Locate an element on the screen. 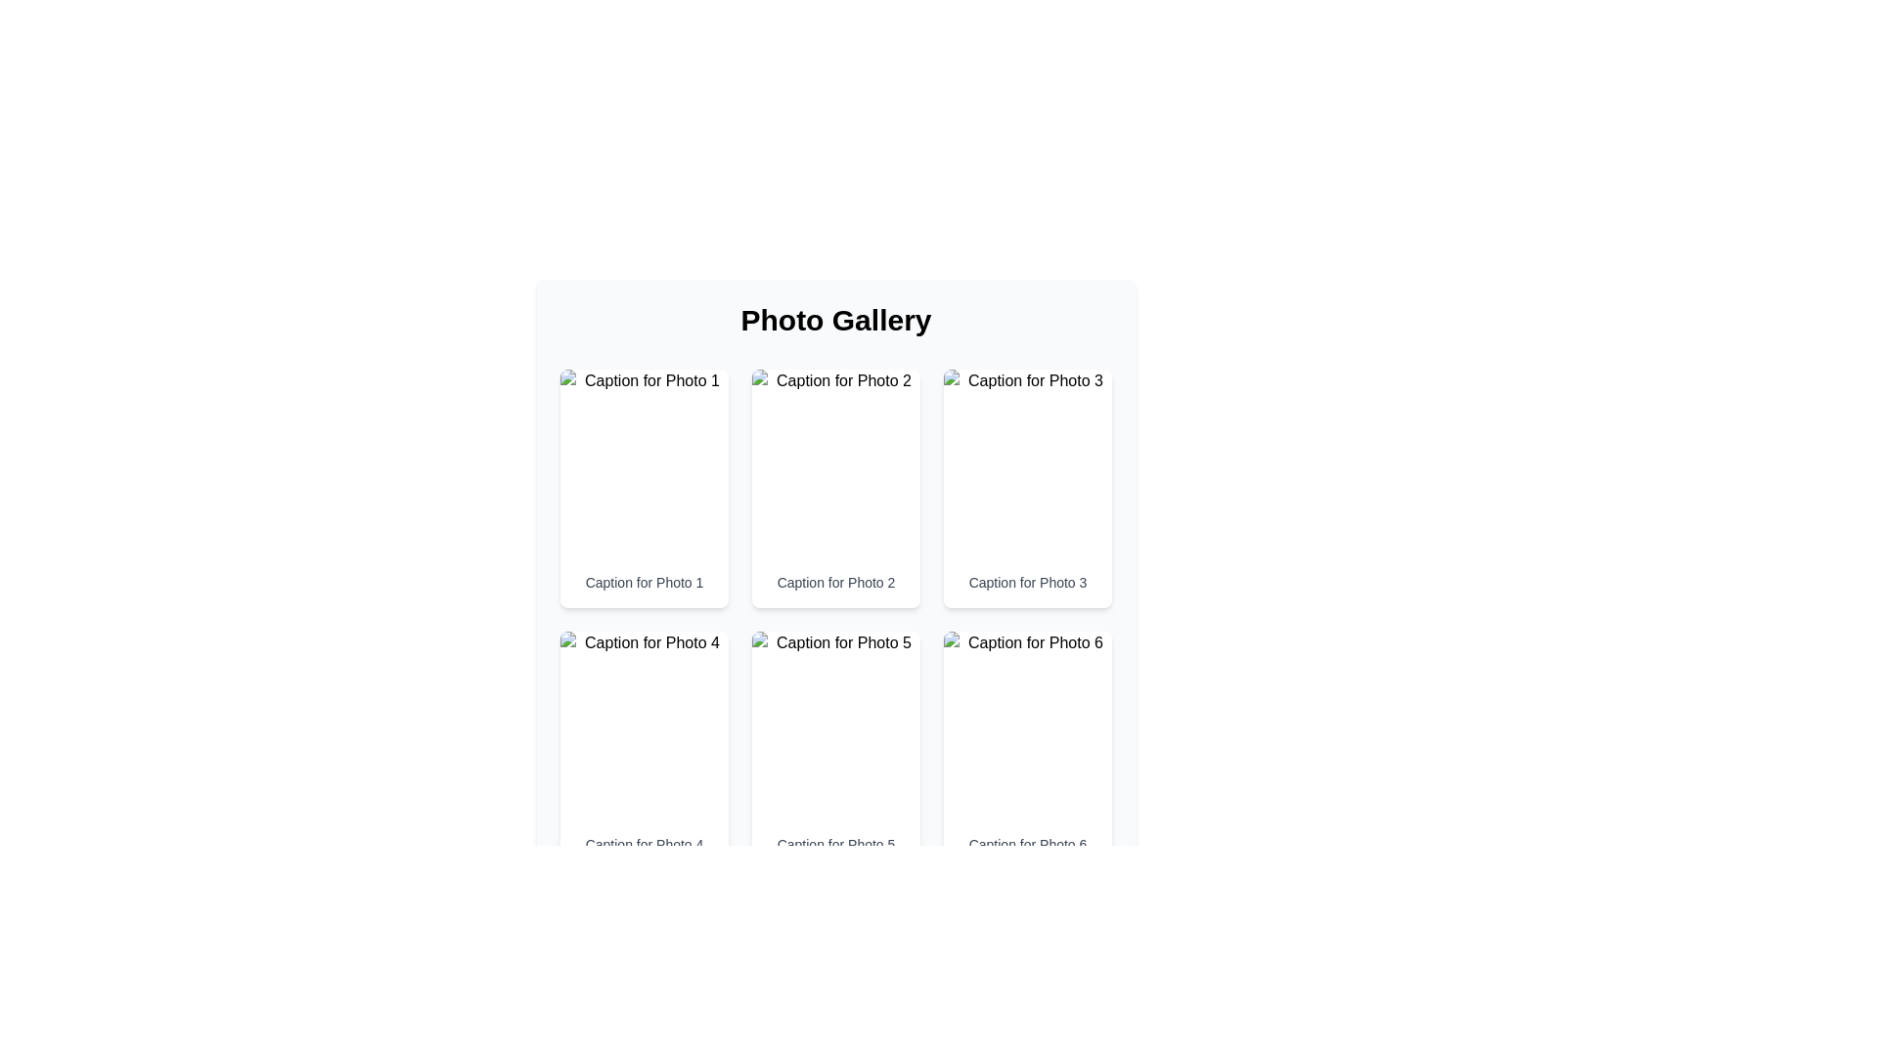  the text label is located at coordinates (835, 582).